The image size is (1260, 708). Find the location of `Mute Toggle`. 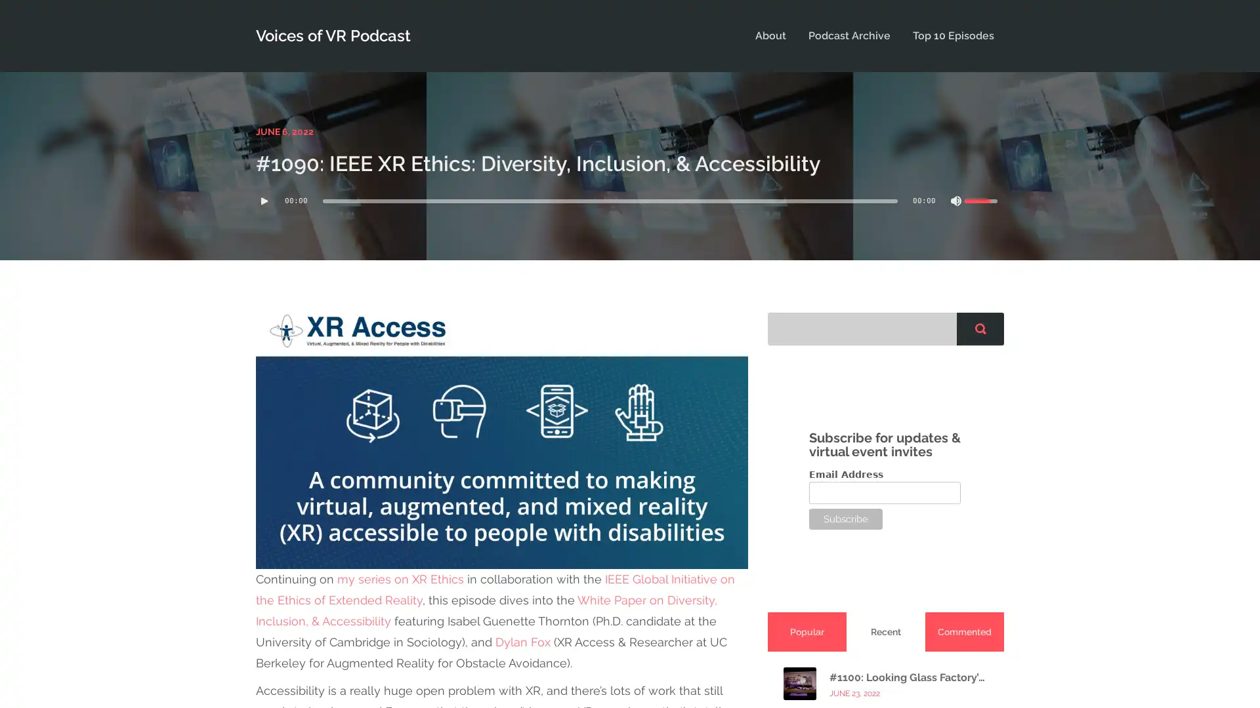

Mute Toggle is located at coordinates (956, 200).